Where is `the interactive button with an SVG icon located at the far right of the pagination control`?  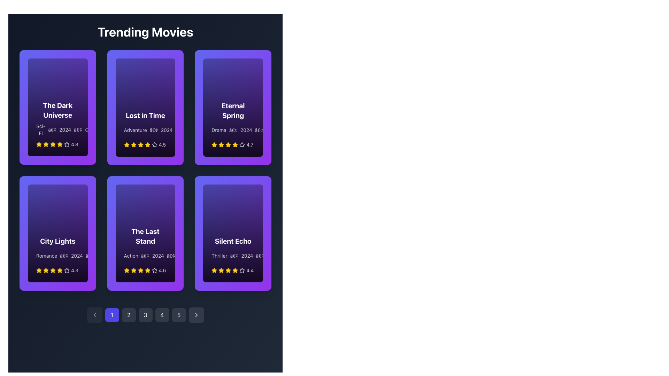
the interactive button with an SVG icon located at the far right of the pagination control is located at coordinates (196, 315).